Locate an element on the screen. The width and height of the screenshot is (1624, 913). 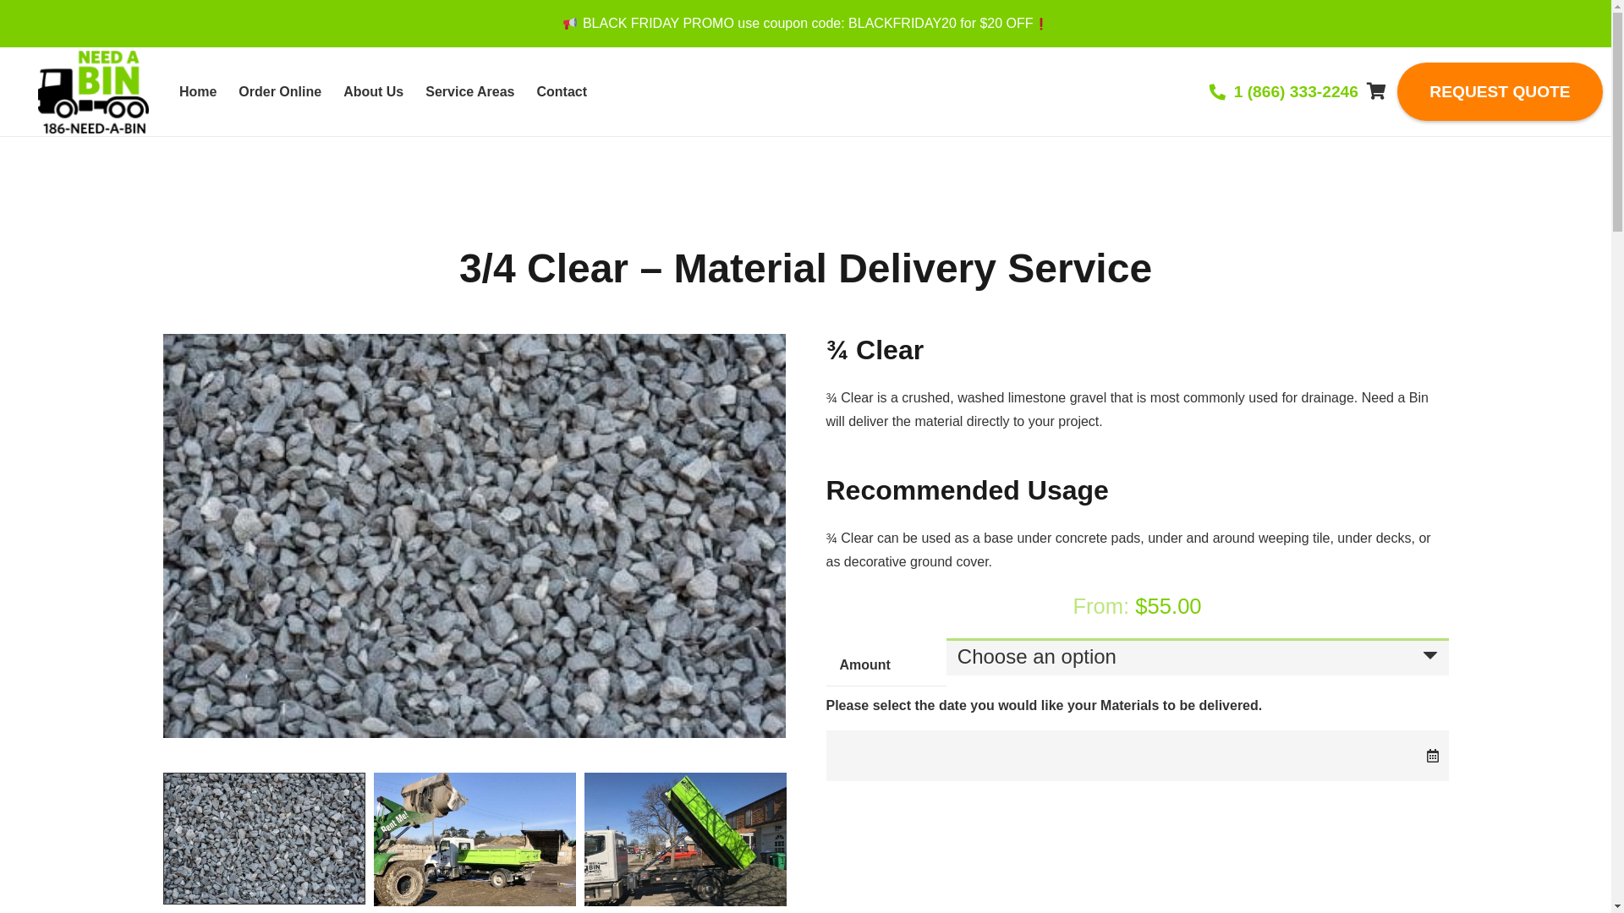
'Contact' is located at coordinates (562, 91).